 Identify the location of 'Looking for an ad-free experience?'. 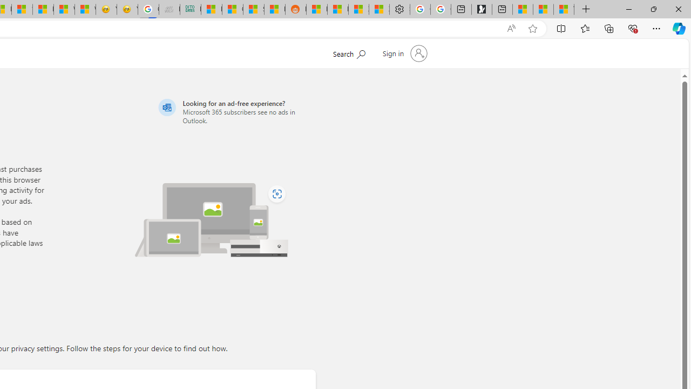
(235, 111).